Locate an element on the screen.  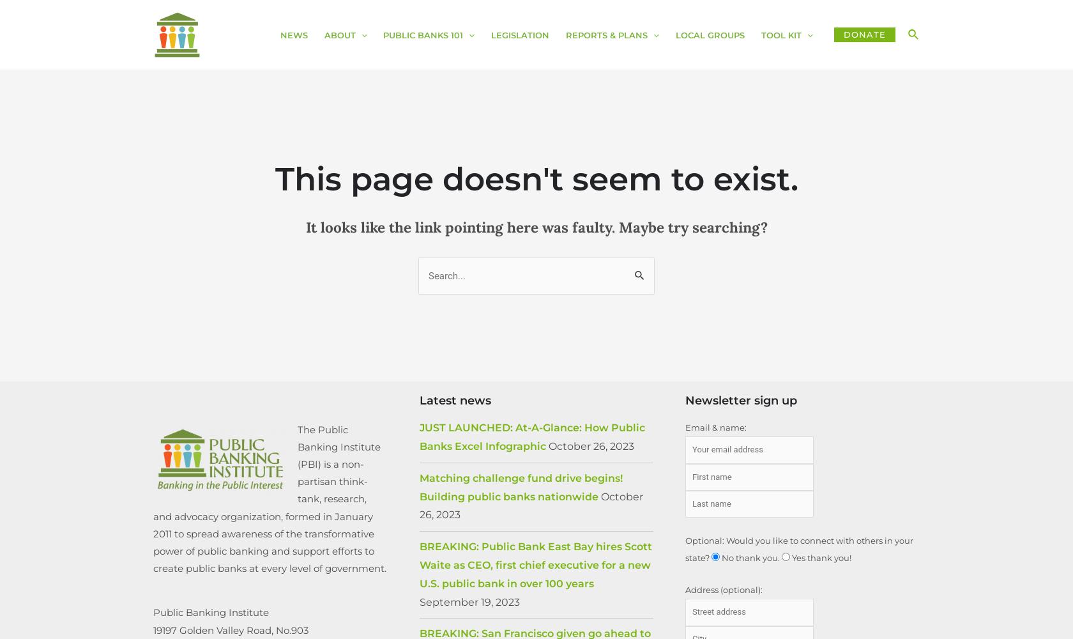
'September 19, 2023' is located at coordinates (419, 601).